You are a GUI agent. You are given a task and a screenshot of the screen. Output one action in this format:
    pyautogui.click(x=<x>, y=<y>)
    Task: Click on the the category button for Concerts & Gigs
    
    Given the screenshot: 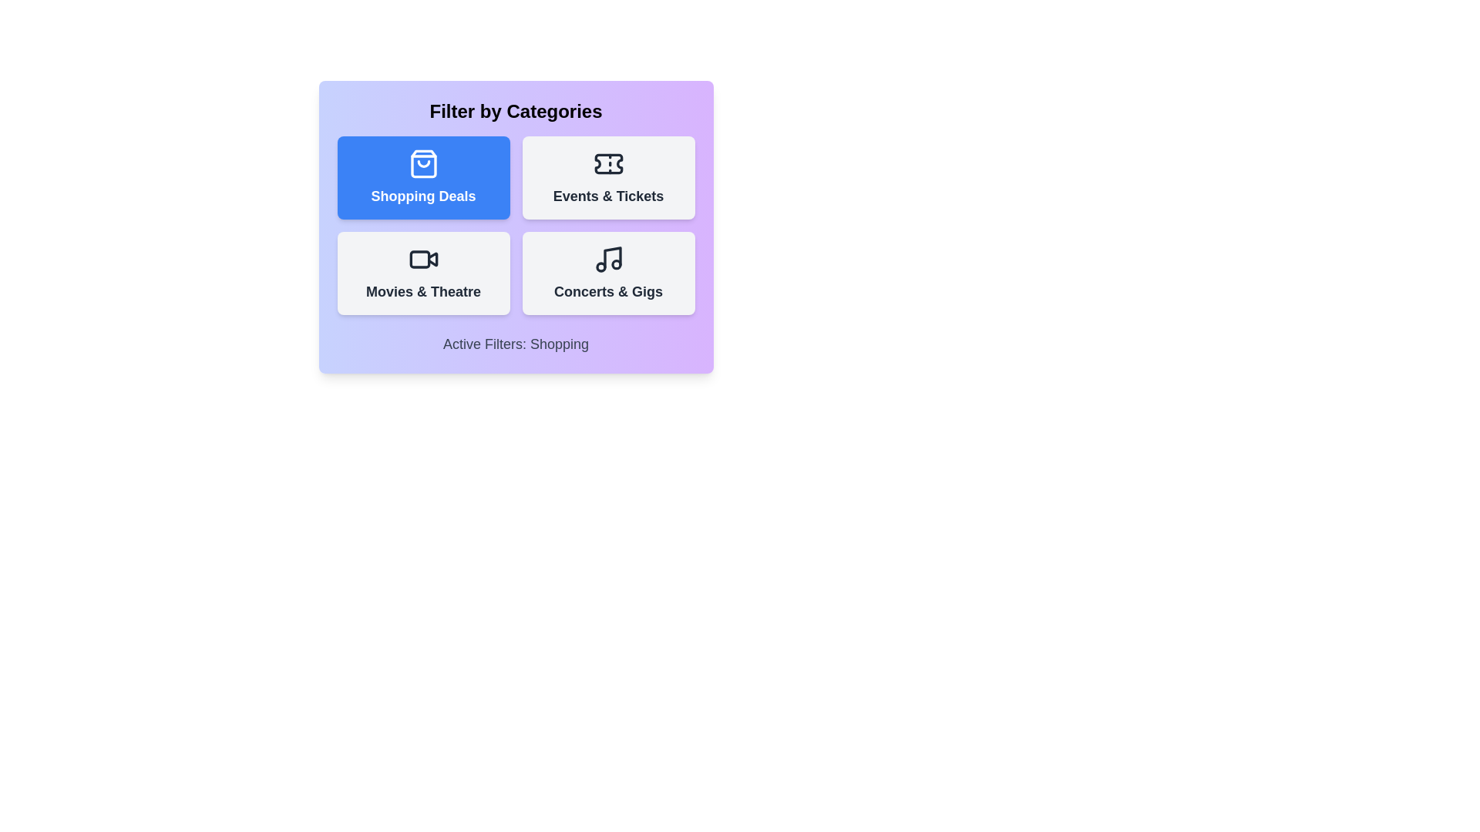 What is the action you would take?
    pyautogui.click(x=607, y=272)
    